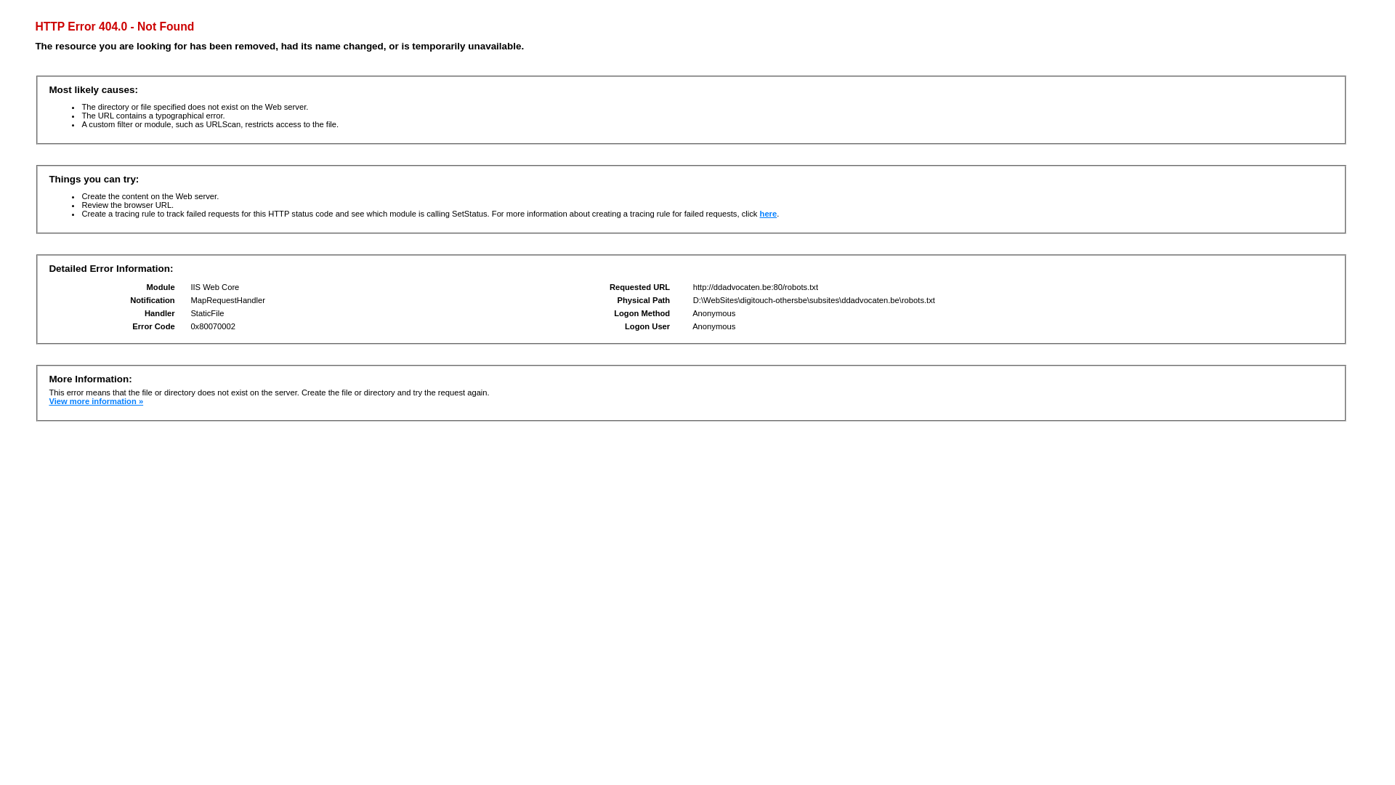  I want to click on 'here', so click(767, 213).